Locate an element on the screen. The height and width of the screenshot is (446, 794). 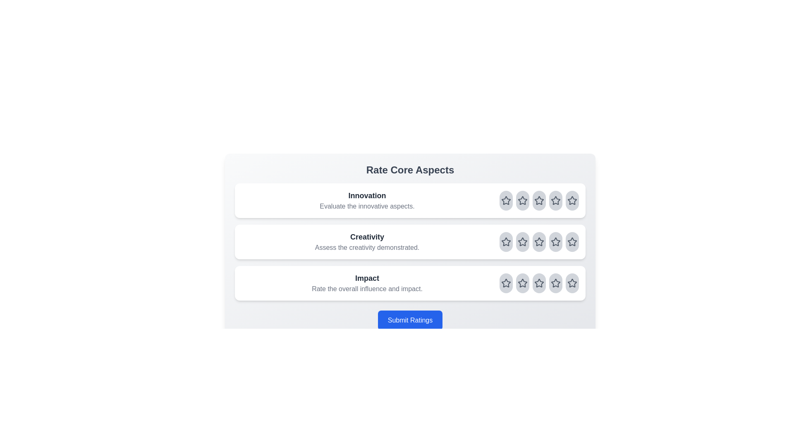
the rating for the aspect Impact to 5 stars by clicking on the corresponding star is located at coordinates (572, 283).